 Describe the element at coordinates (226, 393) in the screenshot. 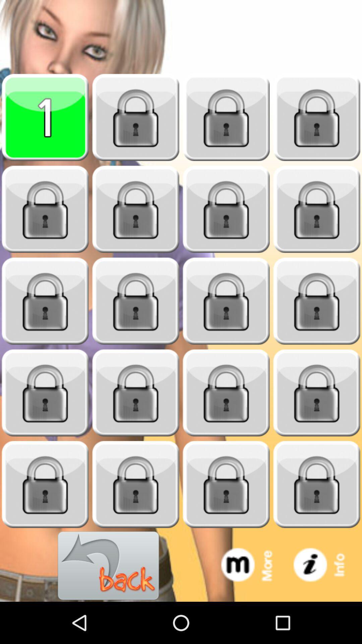

I see `the option` at that location.